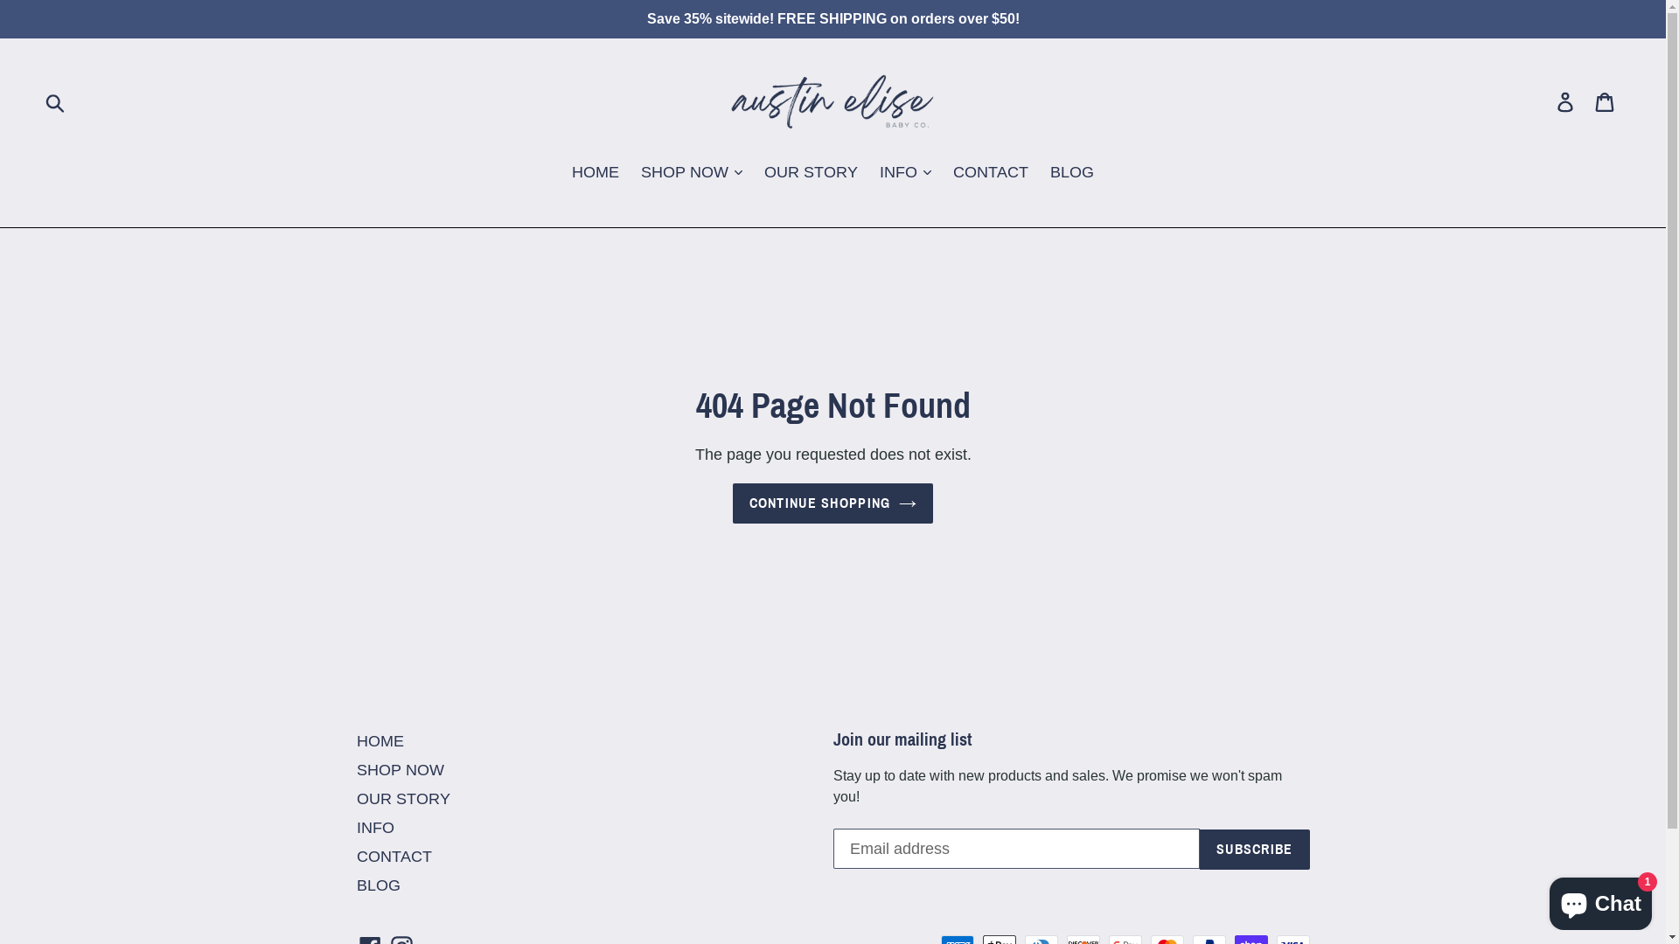 The image size is (1679, 944). I want to click on 'INFO', so click(374, 826).